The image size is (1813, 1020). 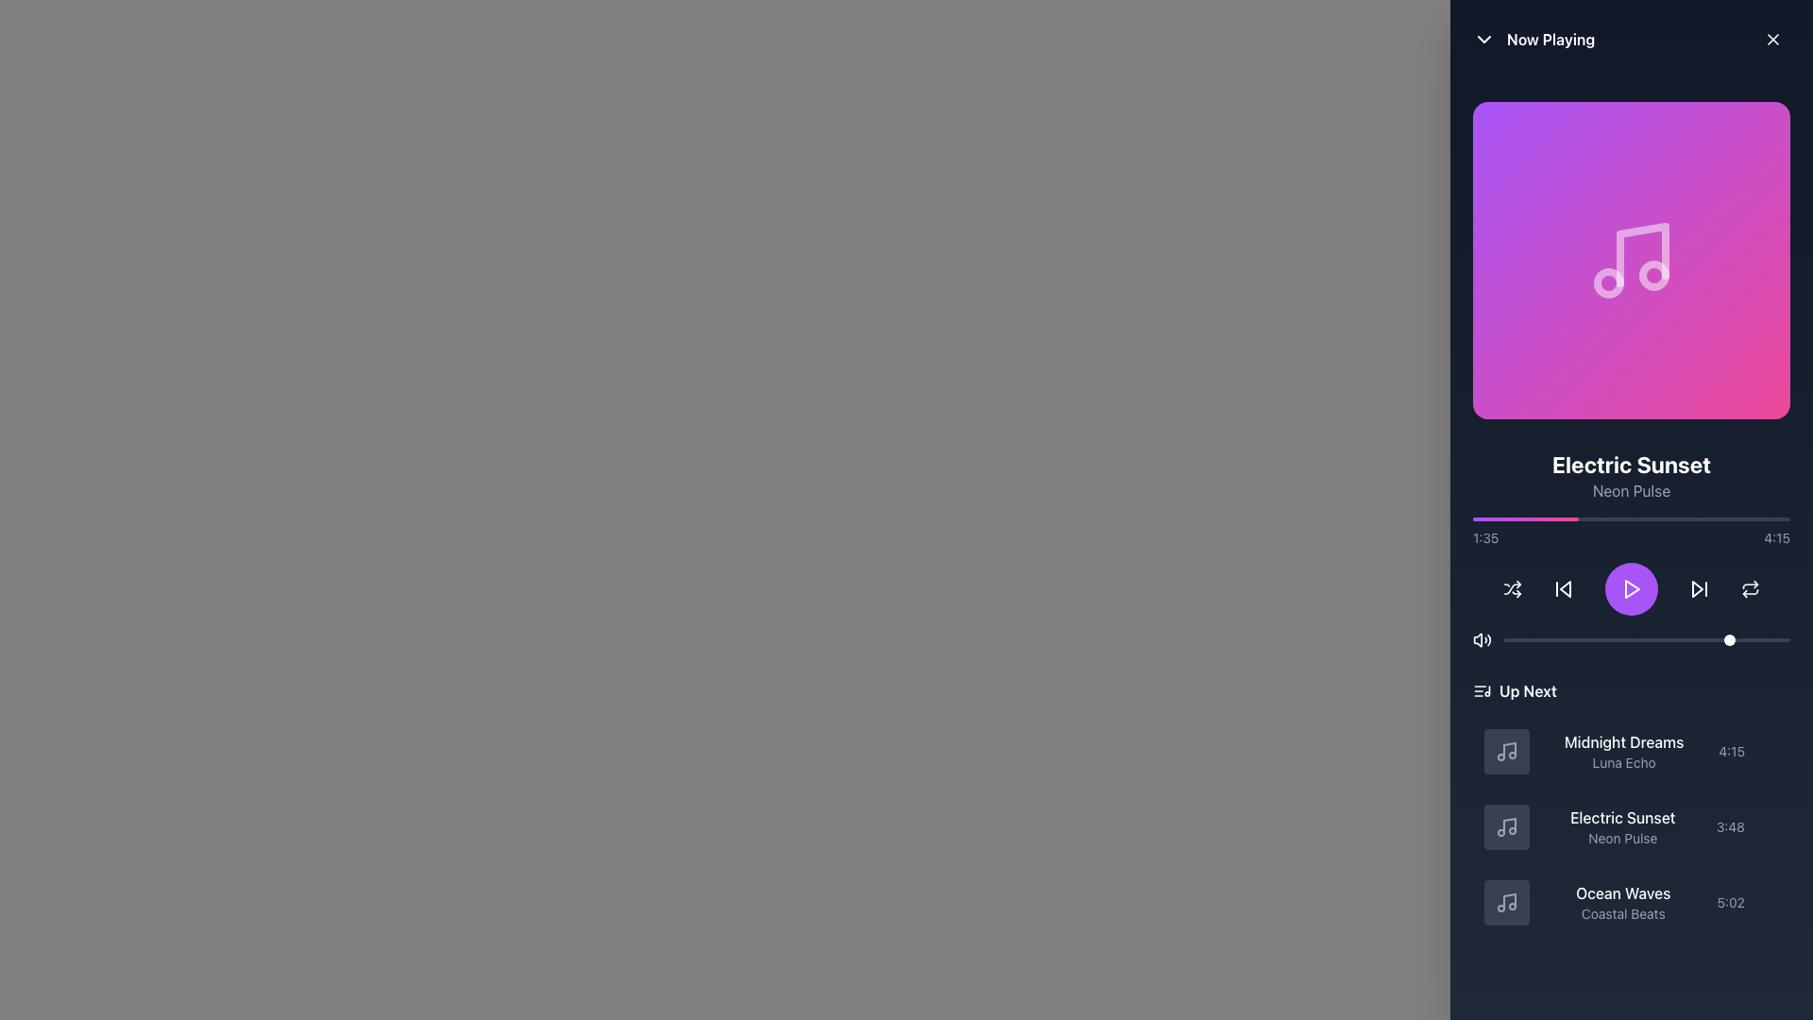 I want to click on the first track item in the 'Now Playing' queue, so click(x=1631, y=750).